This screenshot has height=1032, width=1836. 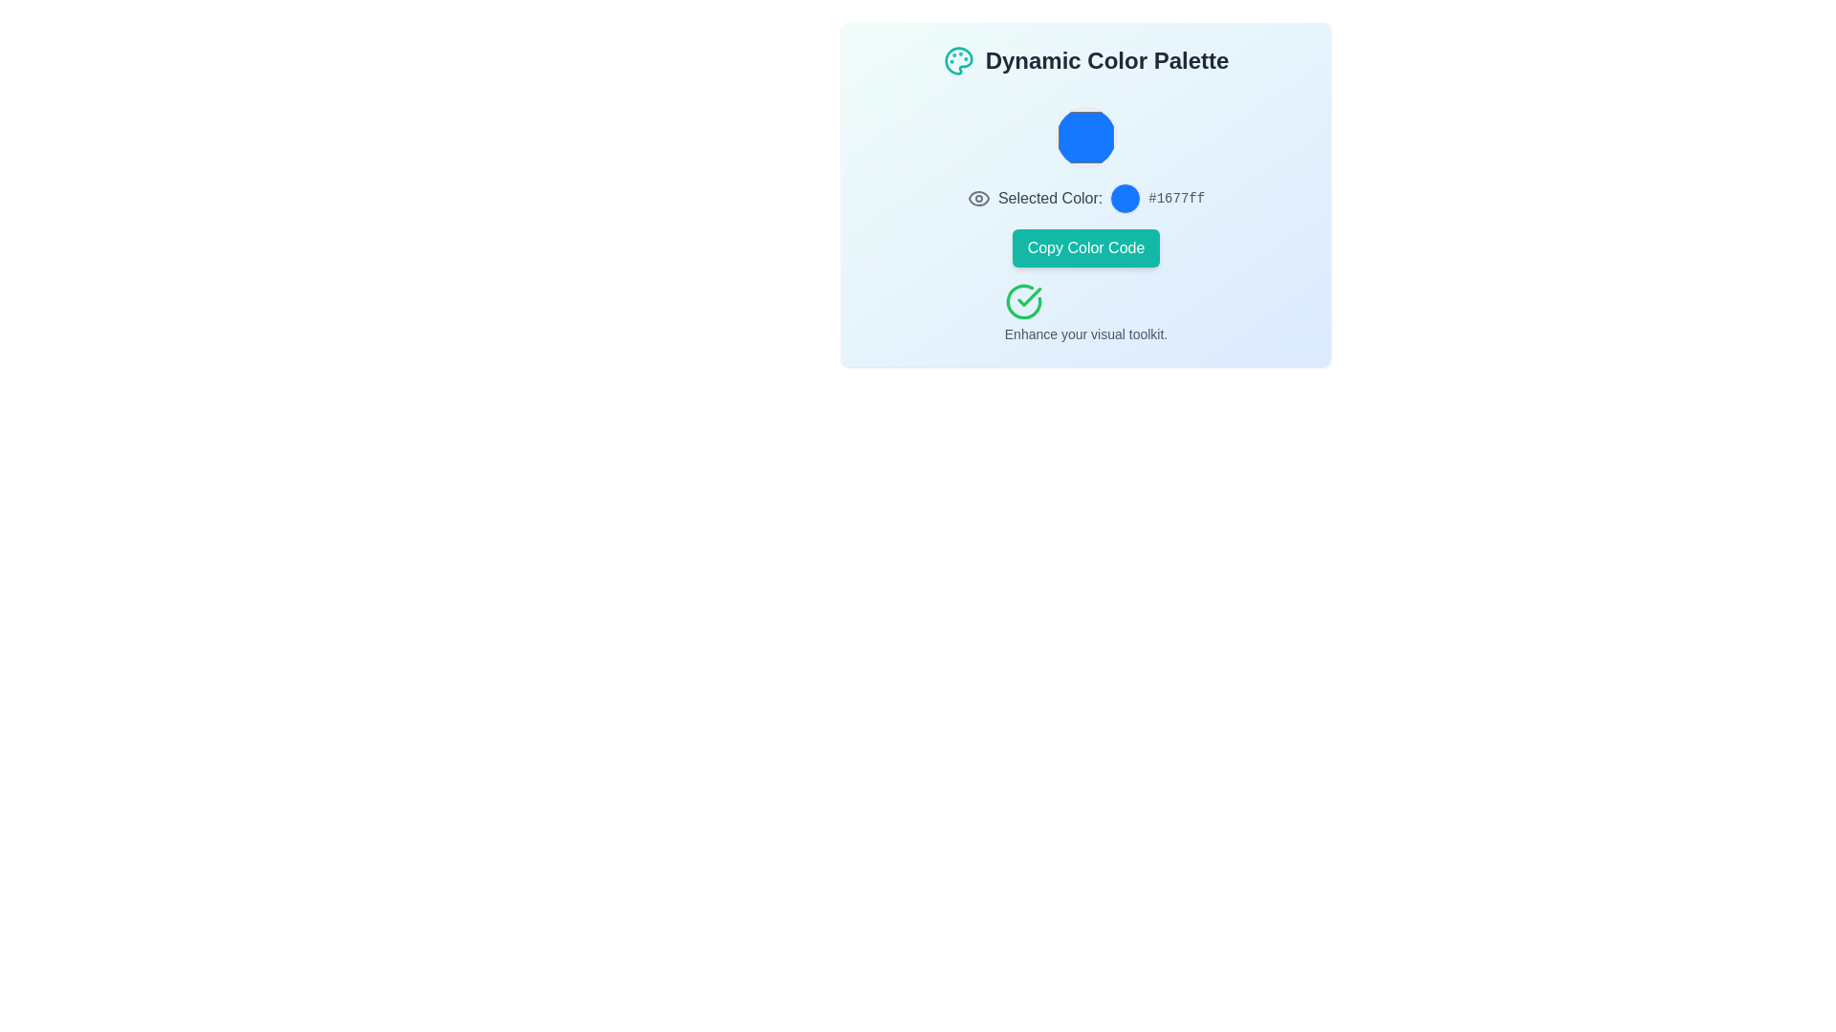 What do you see at coordinates (978, 199) in the screenshot?
I see `the eye icon that is styled in gray tones and positioned to the left of the text 'Selected Color:', which indicates the selected color` at bounding box center [978, 199].